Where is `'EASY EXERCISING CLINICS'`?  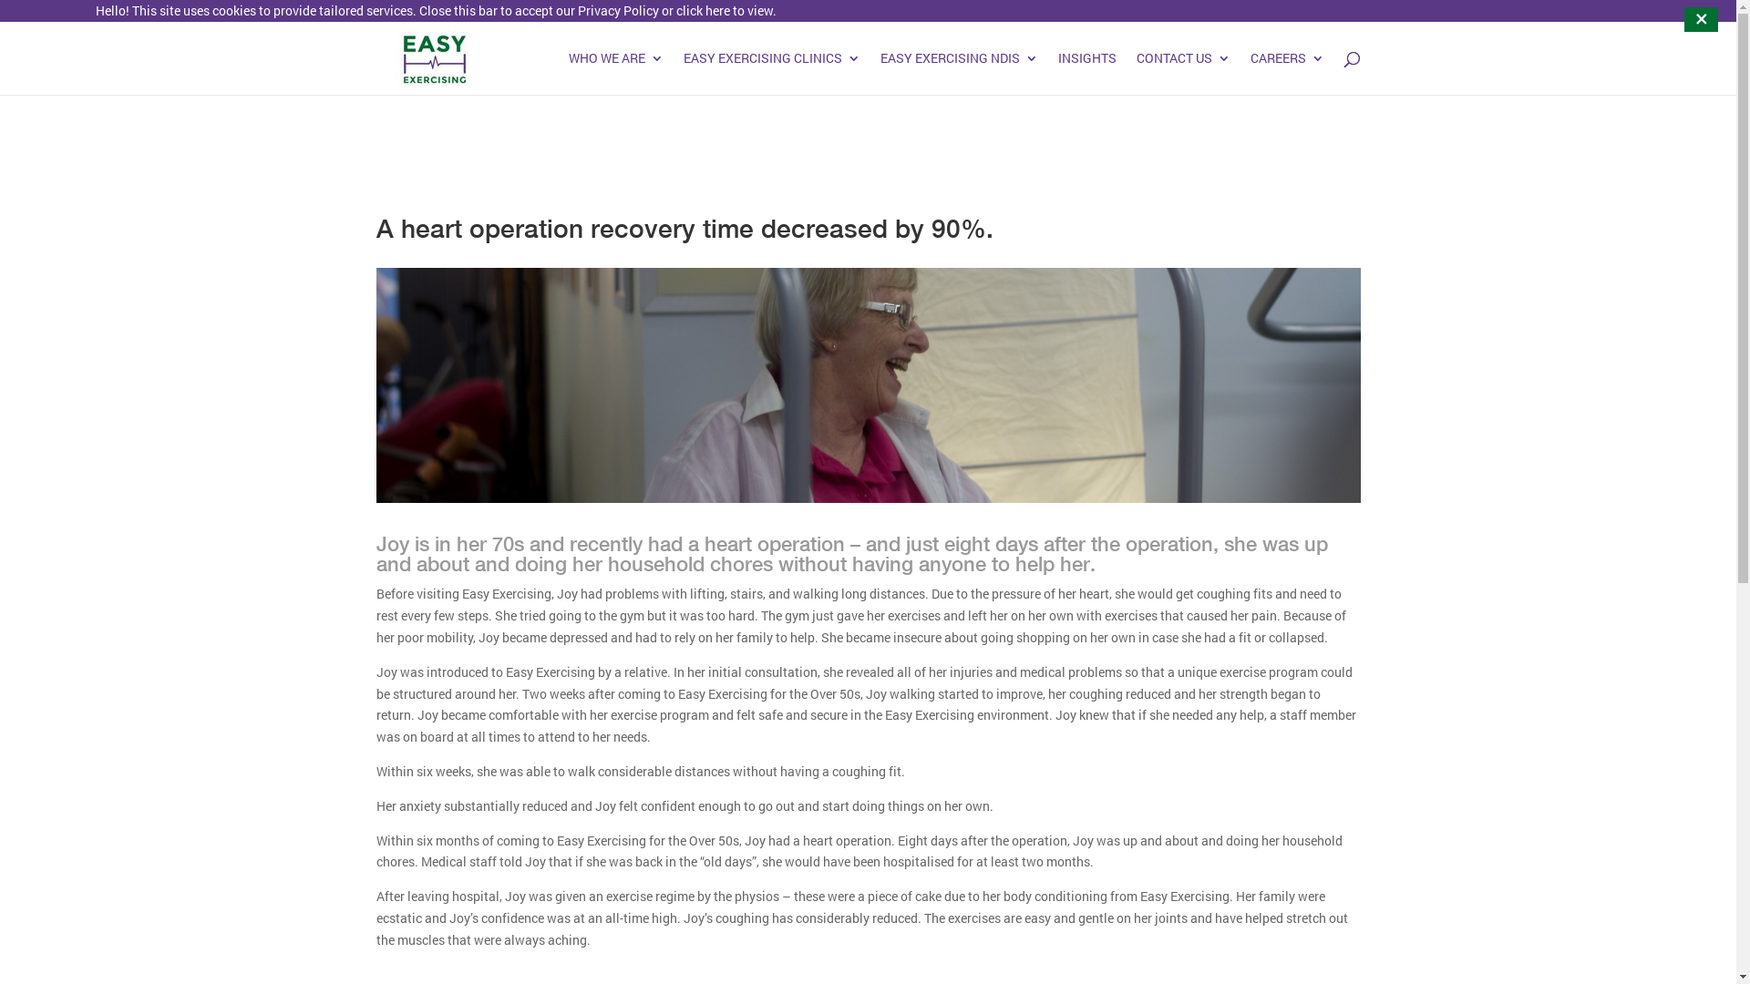
'EASY EXERCISING CLINICS' is located at coordinates (771, 72).